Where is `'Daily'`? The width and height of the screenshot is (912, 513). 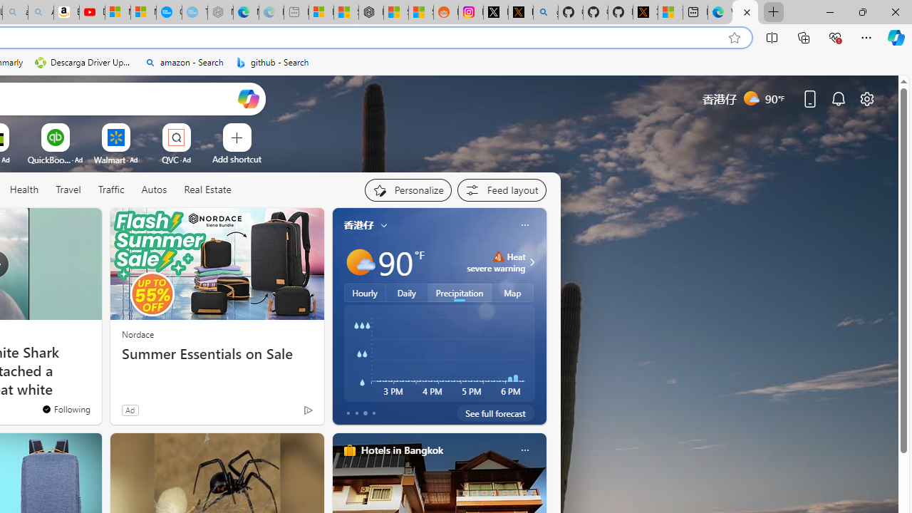
'Daily' is located at coordinates (406, 292).